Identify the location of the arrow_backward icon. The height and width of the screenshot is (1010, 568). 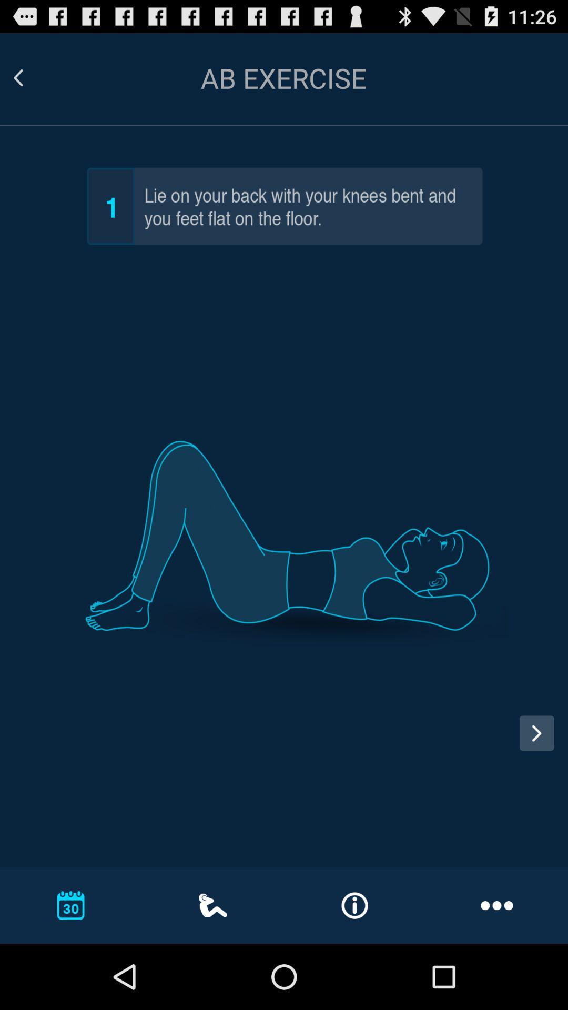
(31, 83).